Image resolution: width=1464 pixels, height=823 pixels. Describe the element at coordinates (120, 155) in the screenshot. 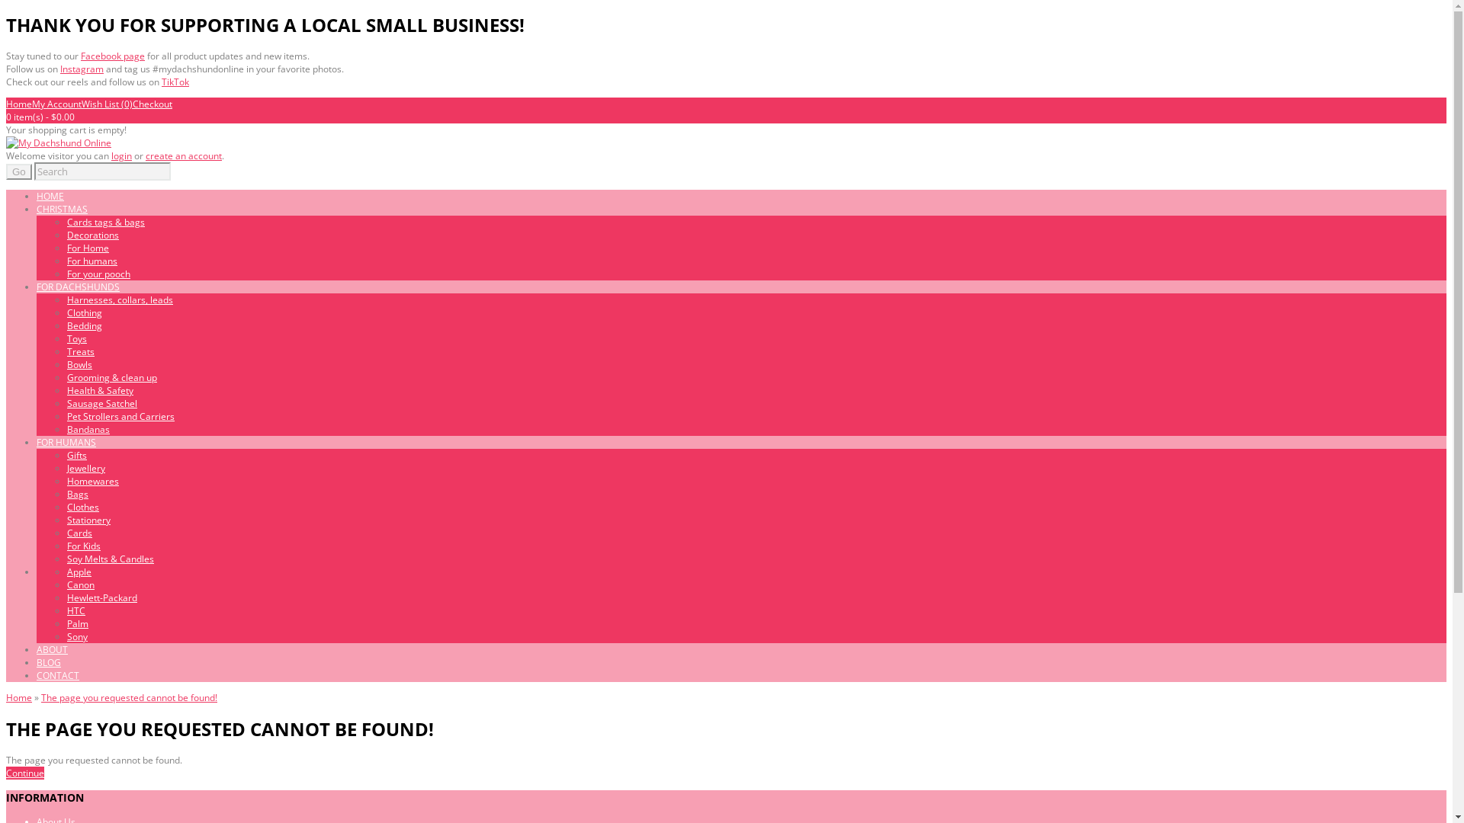

I see `'login'` at that location.